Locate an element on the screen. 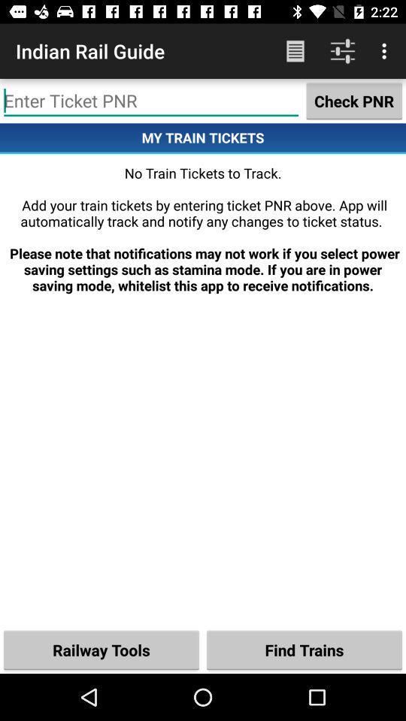 This screenshot has height=721, width=406. the check pnr is located at coordinates (354, 100).